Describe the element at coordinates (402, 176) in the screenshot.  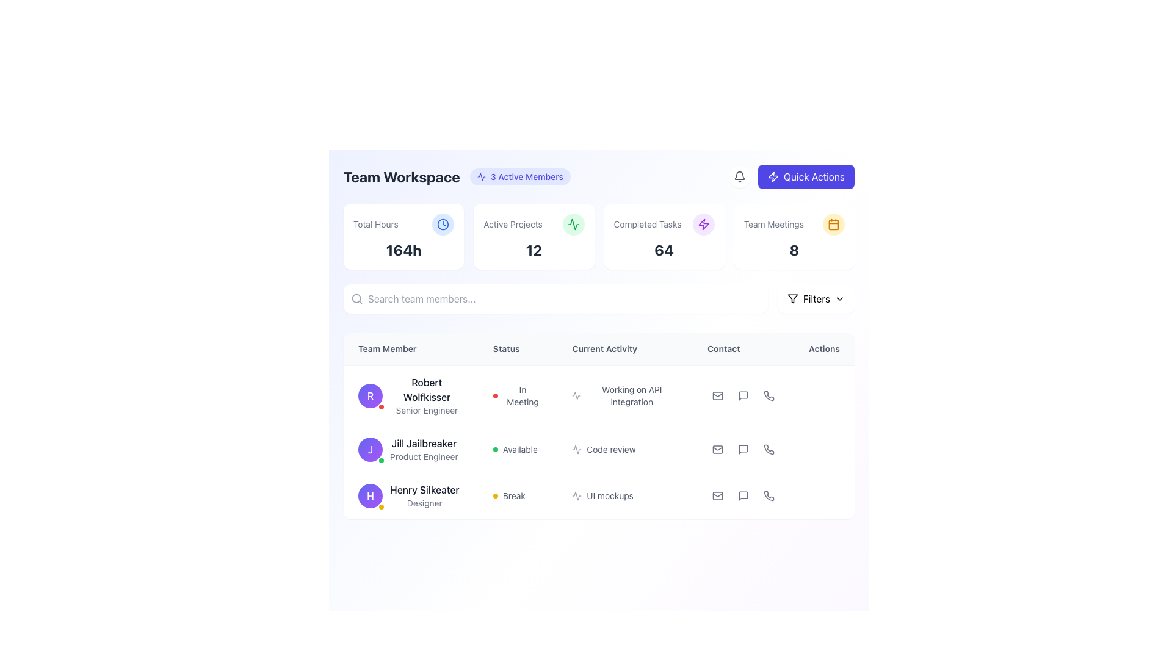
I see `the bold and large text label reading 'Team Workspace', which is styled in dark gray and located near the top-left of the interface` at that location.